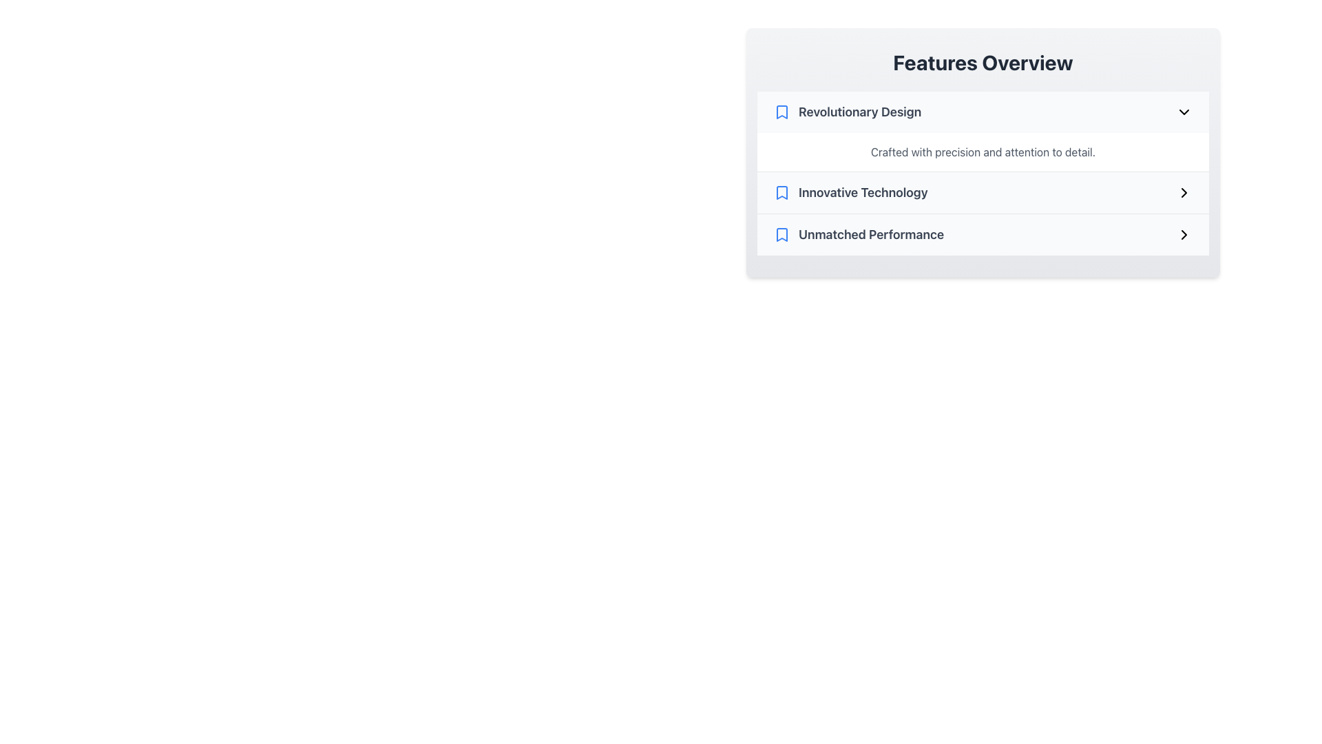  What do you see at coordinates (782, 193) in the screenshot?
I see `the blue bookmark icon located beside the 'Innovative Technology' menu option in the sidebar under 'Features Overview'` at bounding box center [782, 193].